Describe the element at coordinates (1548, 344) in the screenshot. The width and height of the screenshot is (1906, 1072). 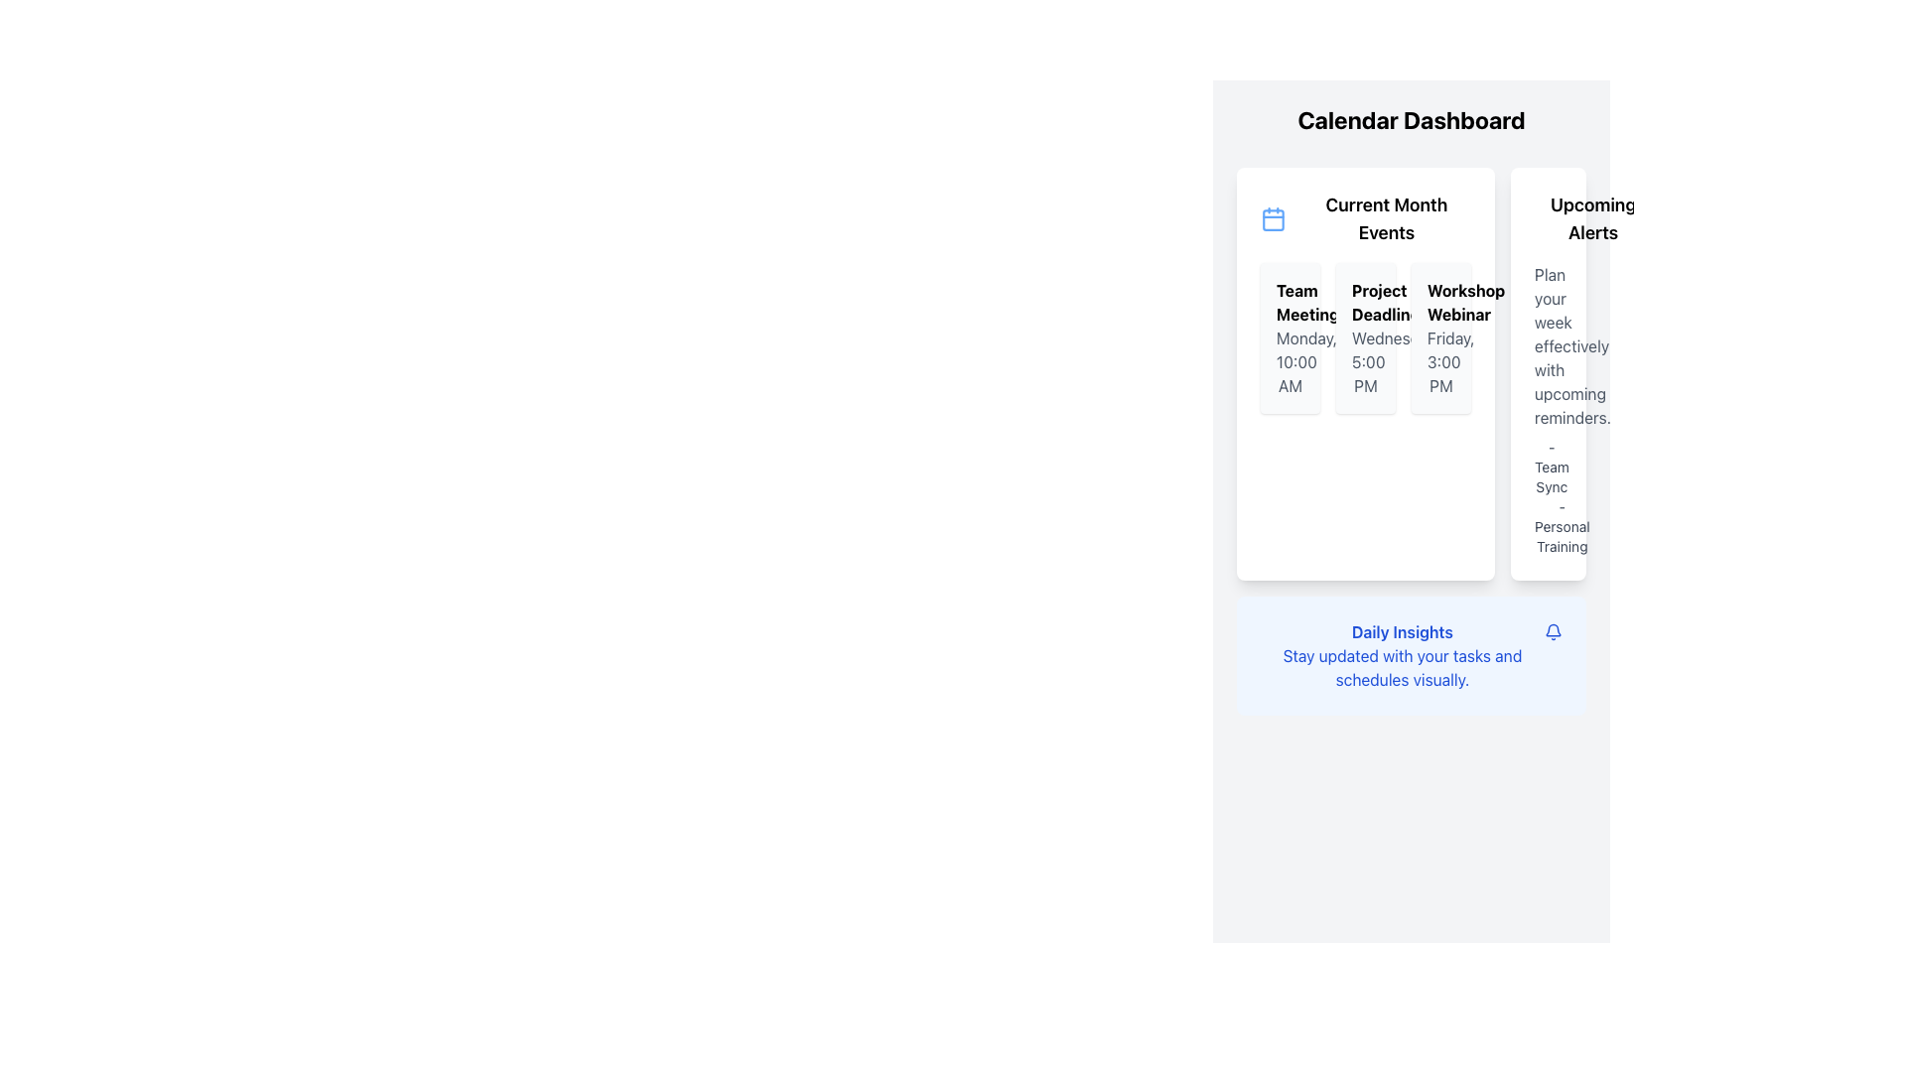
I see `text element displaying 'Plan your week effectively with upcoming reminders.' located below the heading 'Upcoming Alerts'` at that location.